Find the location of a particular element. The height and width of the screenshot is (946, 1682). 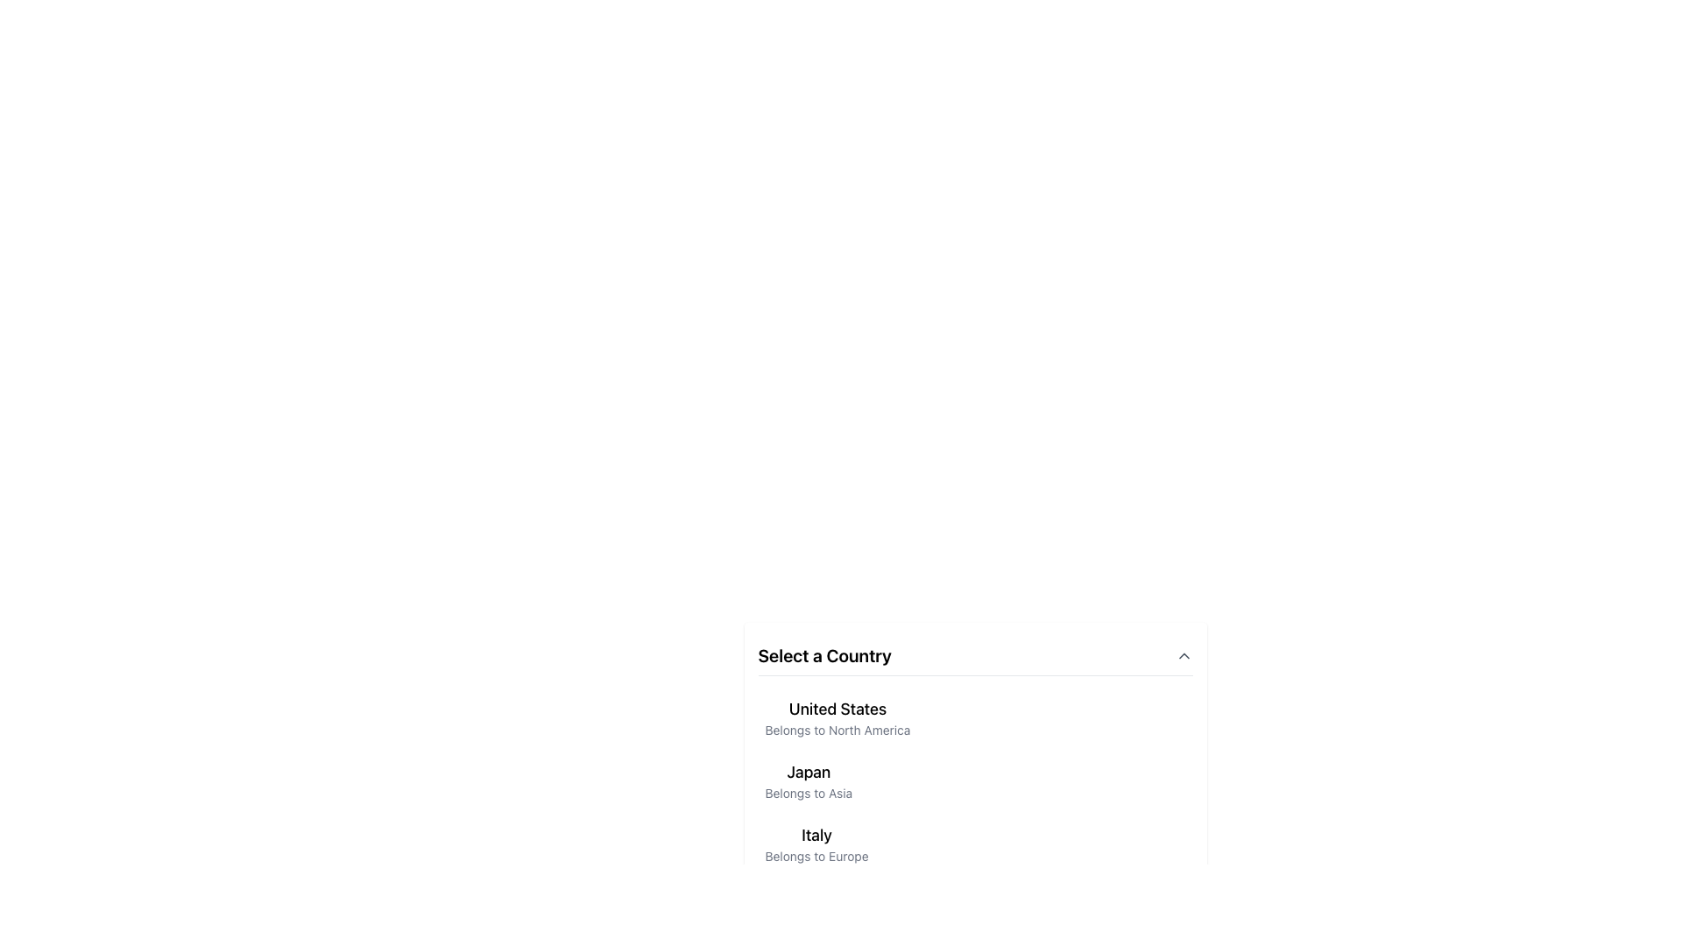

the text label displaying 'Belongs to Europe', which is a smaller gray sans-serif font located beneath the 'Italy' label in the selection group is located at coordinates (816, 856).